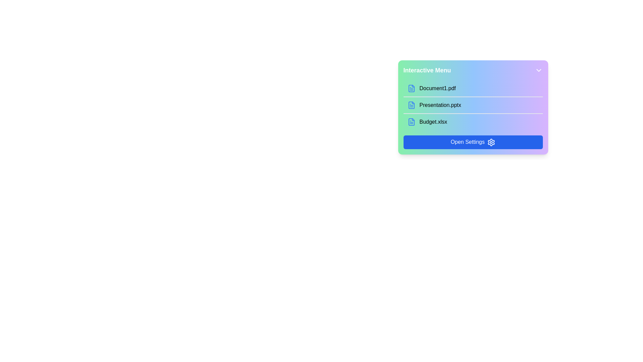  I want to click on the document icon, which is the first icon in the interactive menu, to interact with it, so click(411, 88).